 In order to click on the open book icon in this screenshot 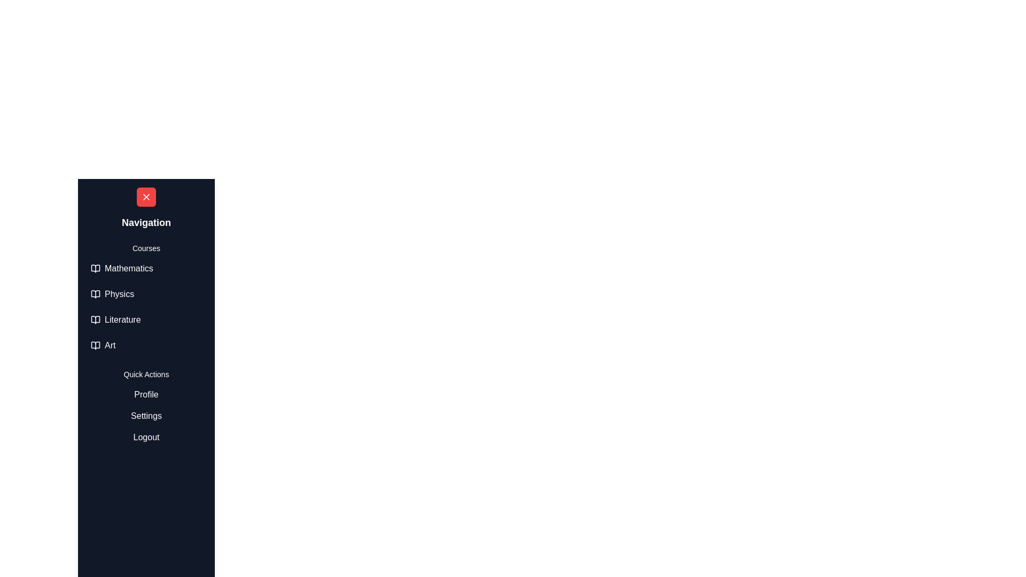, I will do `click(95, 319)`.